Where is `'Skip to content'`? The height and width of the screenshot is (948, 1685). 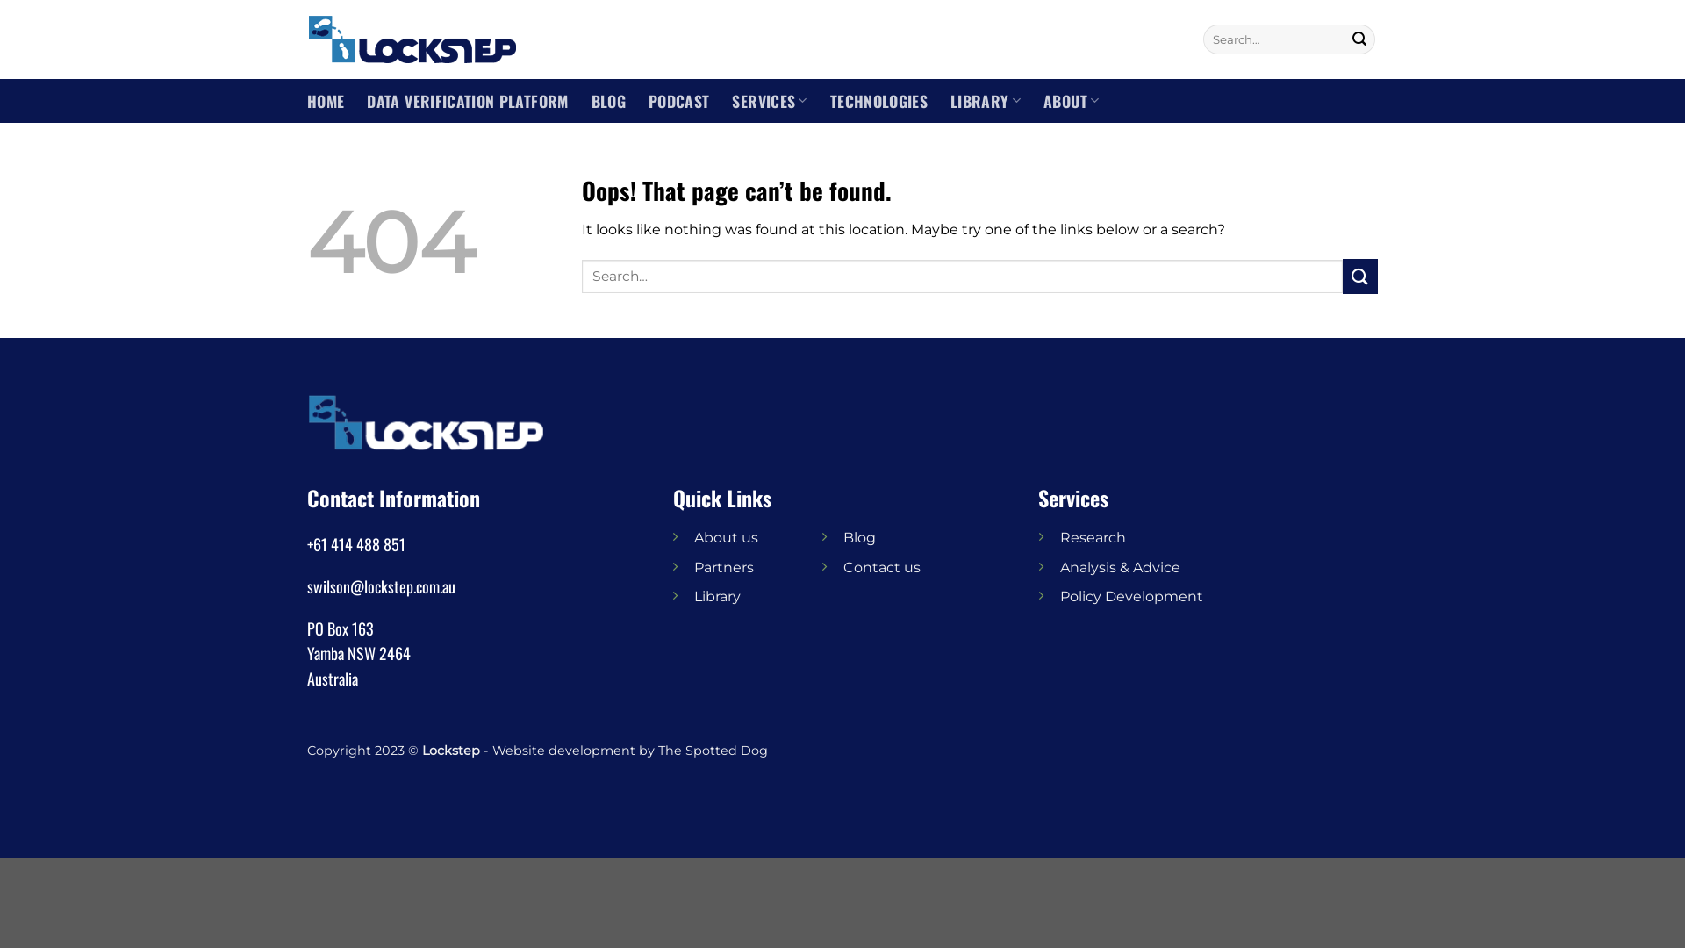 'Skip to content' is located at coordinates (0, 0).